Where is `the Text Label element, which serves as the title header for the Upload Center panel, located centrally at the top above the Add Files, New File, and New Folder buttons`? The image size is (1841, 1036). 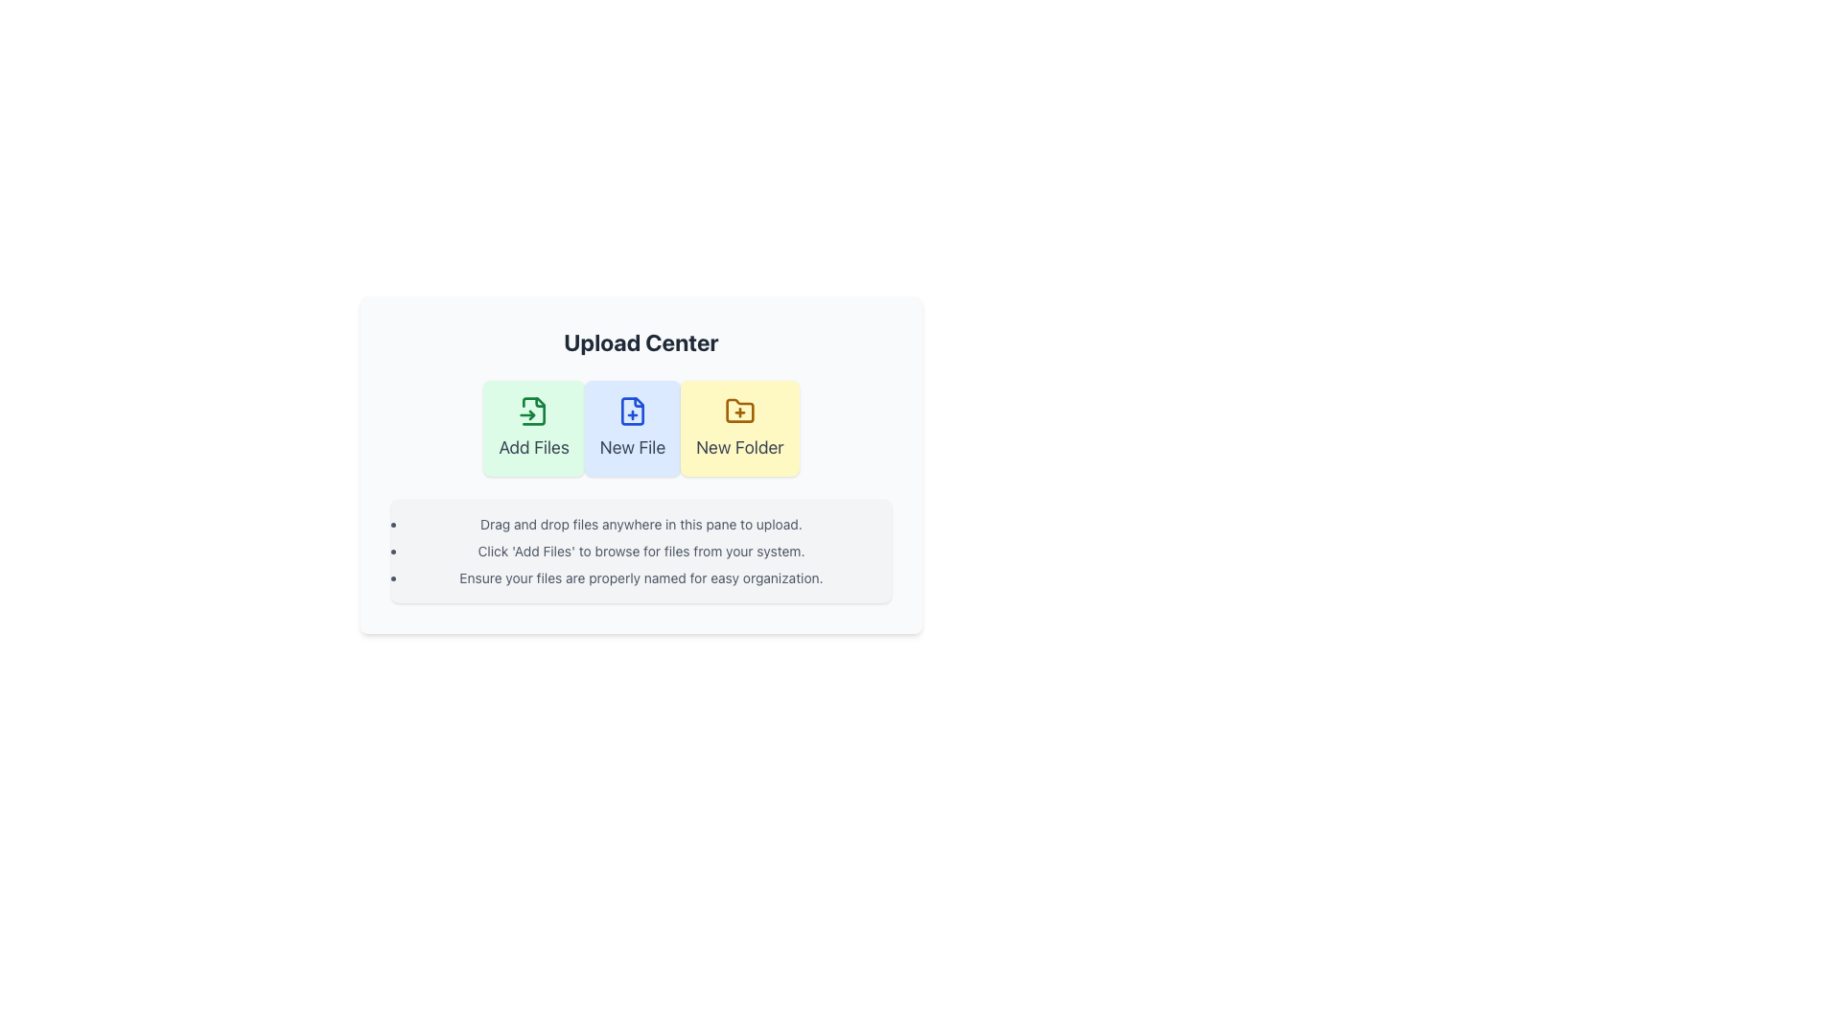
the Text Label element, which serves as the title header for the Upload Center panel, located centrally at the top above the Add Files, New File, and New Folder buttons is located at coordinates (641, 341).